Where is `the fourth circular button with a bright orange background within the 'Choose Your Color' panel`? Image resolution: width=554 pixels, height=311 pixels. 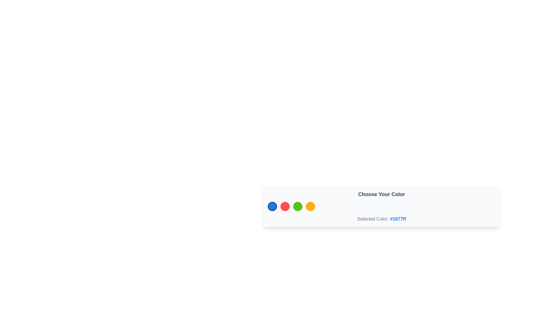
the fourth circular button with a bright orange background within the 'Choose Your Color' panel is located at coordinates (310, 206).